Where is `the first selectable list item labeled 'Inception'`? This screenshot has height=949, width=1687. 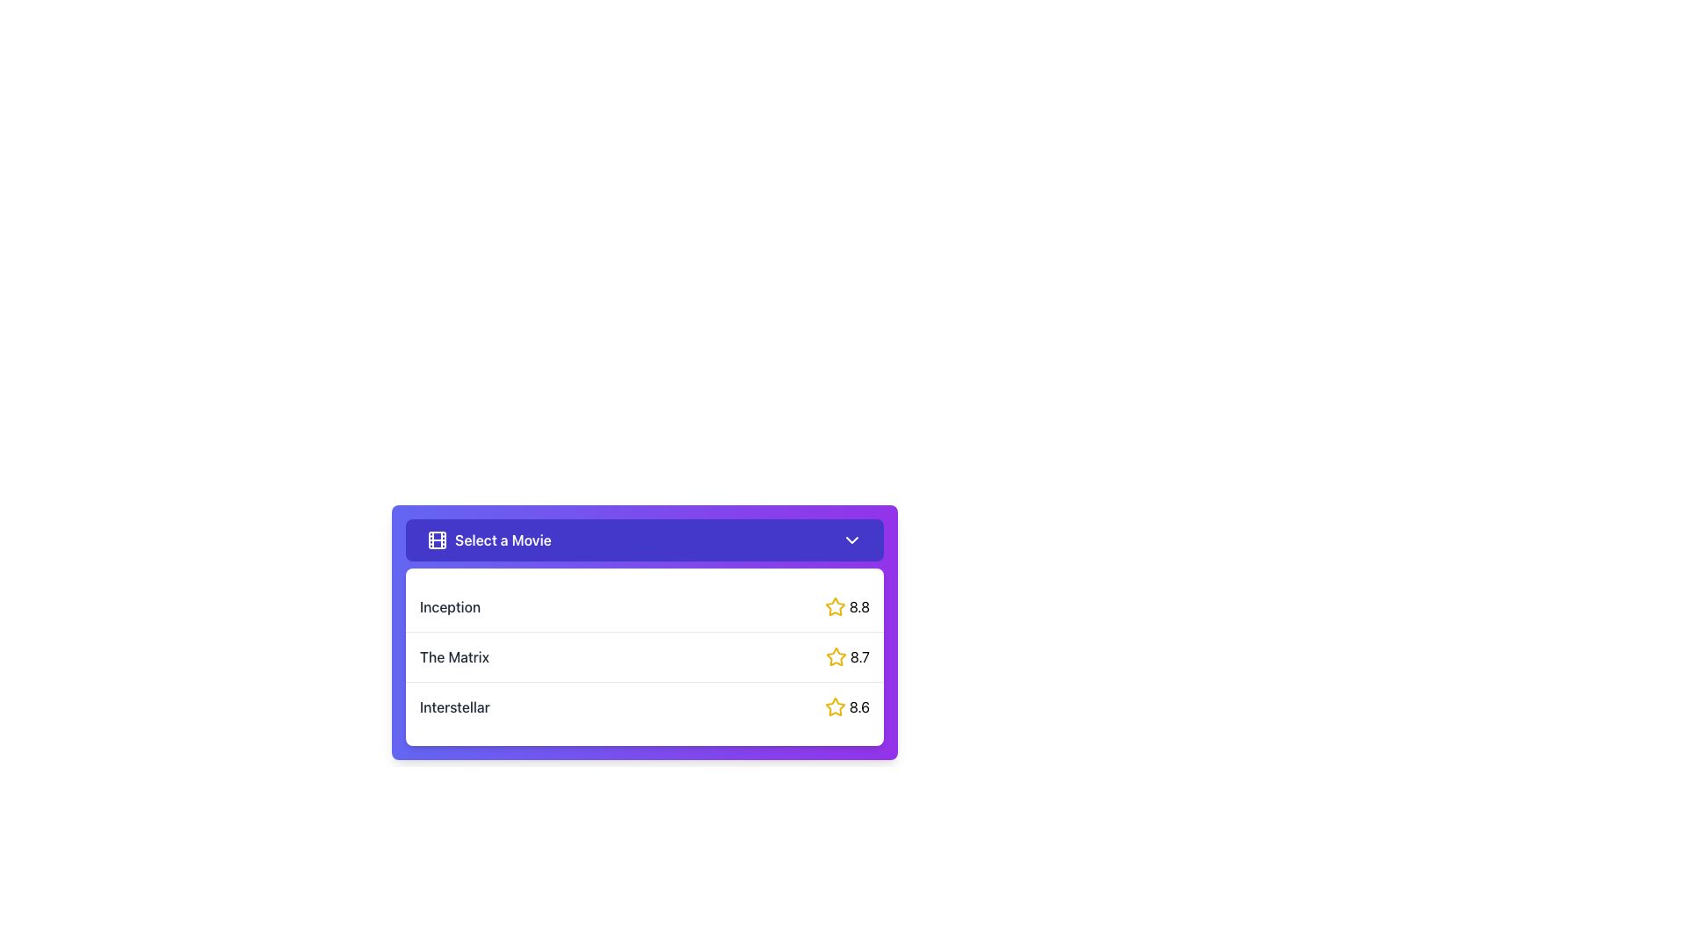
the first selectable list item labeled 'Inception' is located at coordinates (644, 605).